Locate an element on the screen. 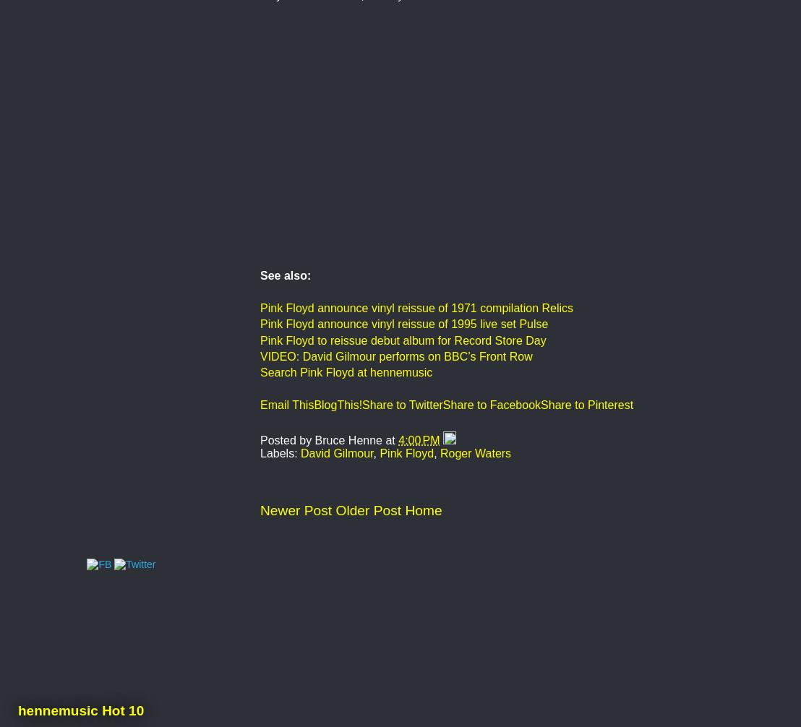 This screenshot has height=727, width=801. 'Pink Floyd announce vinyl reissue of 1995 live set Pulse' is located at coordinates (403, 323).